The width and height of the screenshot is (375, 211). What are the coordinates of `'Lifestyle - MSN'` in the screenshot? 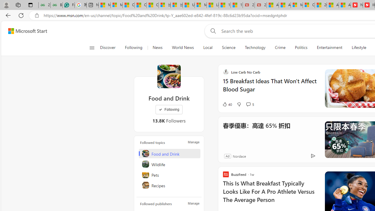 It's located at (212, 5).